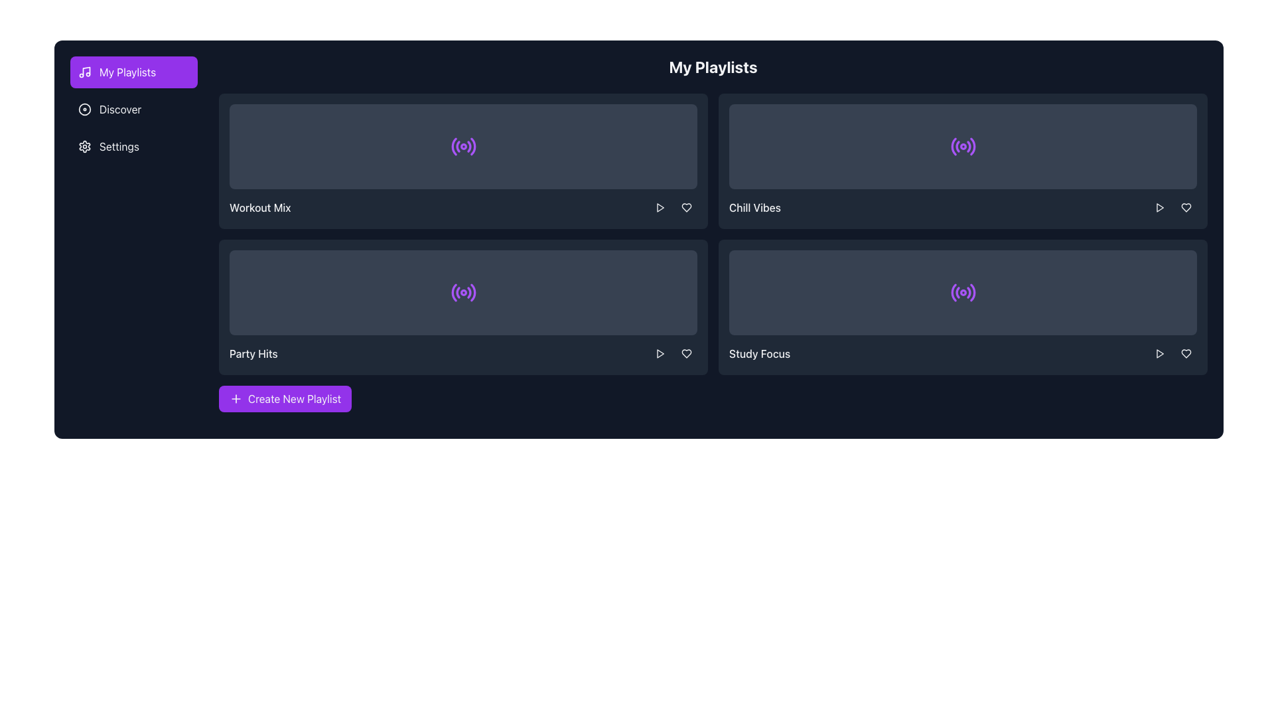  What do you see at coordinates (687, 353) in the screenshot?
I see `the heart-shaped icon in the bottom-right corner of the 'Study Focus' playlist card to mark the playlist as a favorite` at bounding box center [687, 353].